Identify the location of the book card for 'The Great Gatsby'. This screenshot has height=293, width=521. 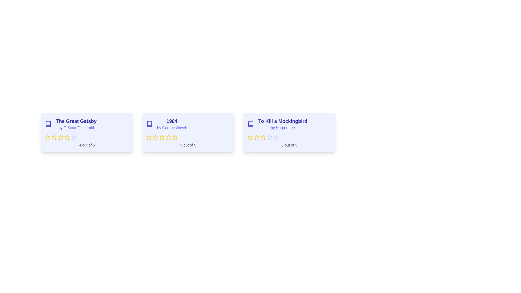
(87, 133).